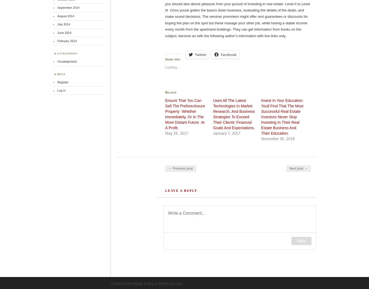  Describe the element at coordinates (67, 41) in the screenshot. I see `'February 2014'` at that location.